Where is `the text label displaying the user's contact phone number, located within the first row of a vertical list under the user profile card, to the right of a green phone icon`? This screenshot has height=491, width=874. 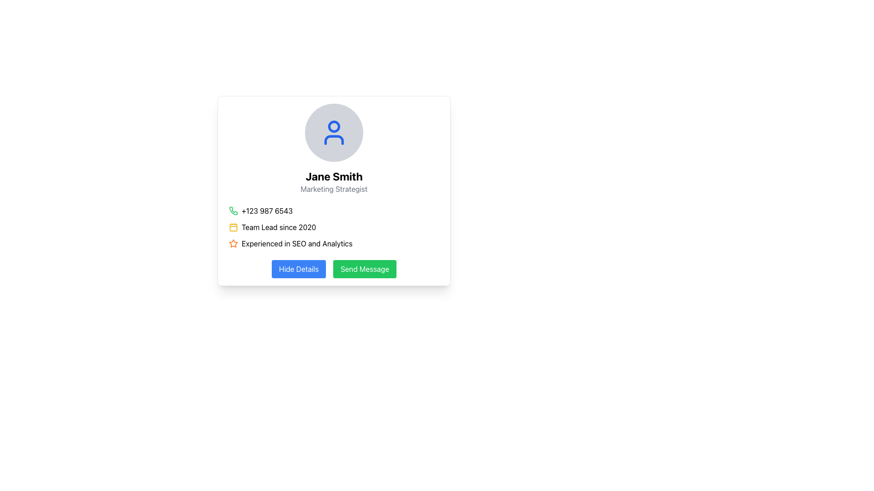
the text label displaying the user's contact phone number, located within the first row of a vertical list under the user profile card, to the right of a green phone icon is located at coordinates (266, 210).